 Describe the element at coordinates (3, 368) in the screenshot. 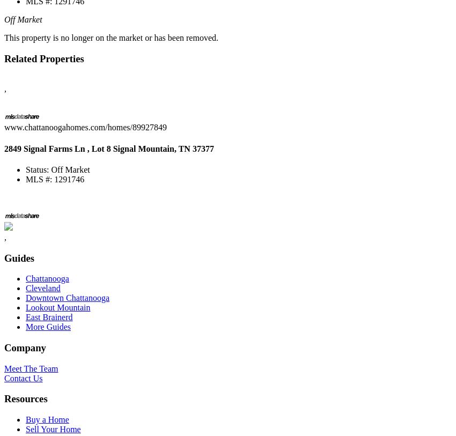

I see `'Meet The Team'` at that location.